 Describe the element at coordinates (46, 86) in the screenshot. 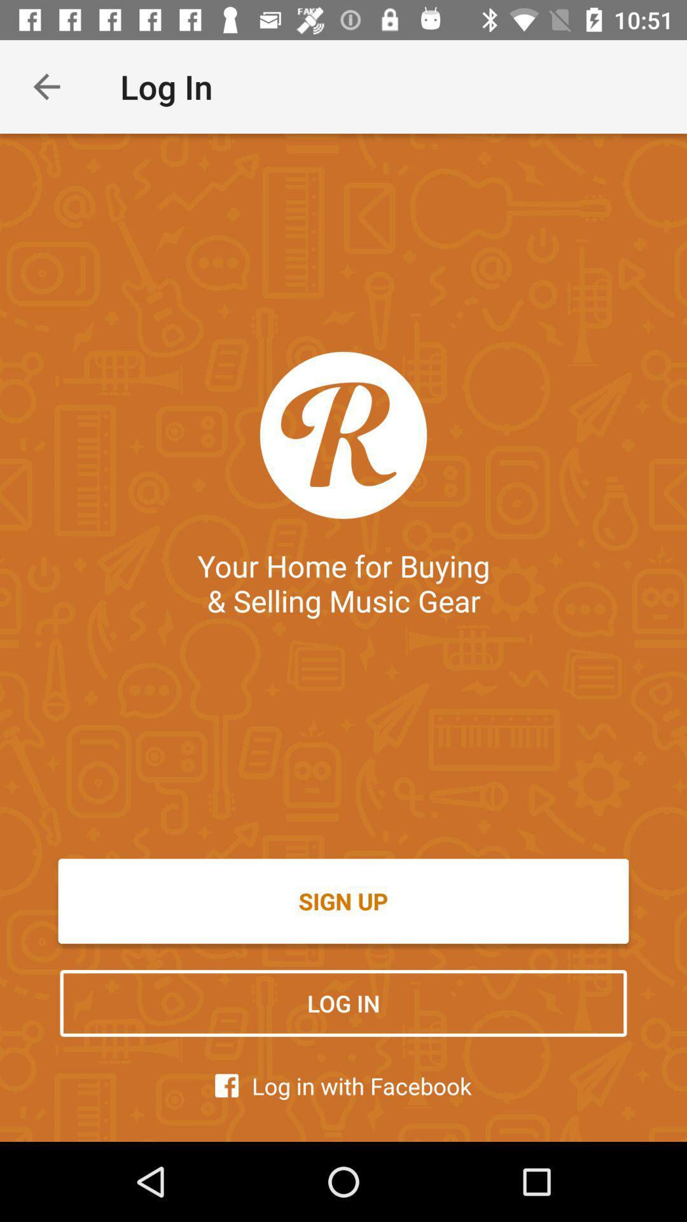

I see `icon next to log in item` at that location.